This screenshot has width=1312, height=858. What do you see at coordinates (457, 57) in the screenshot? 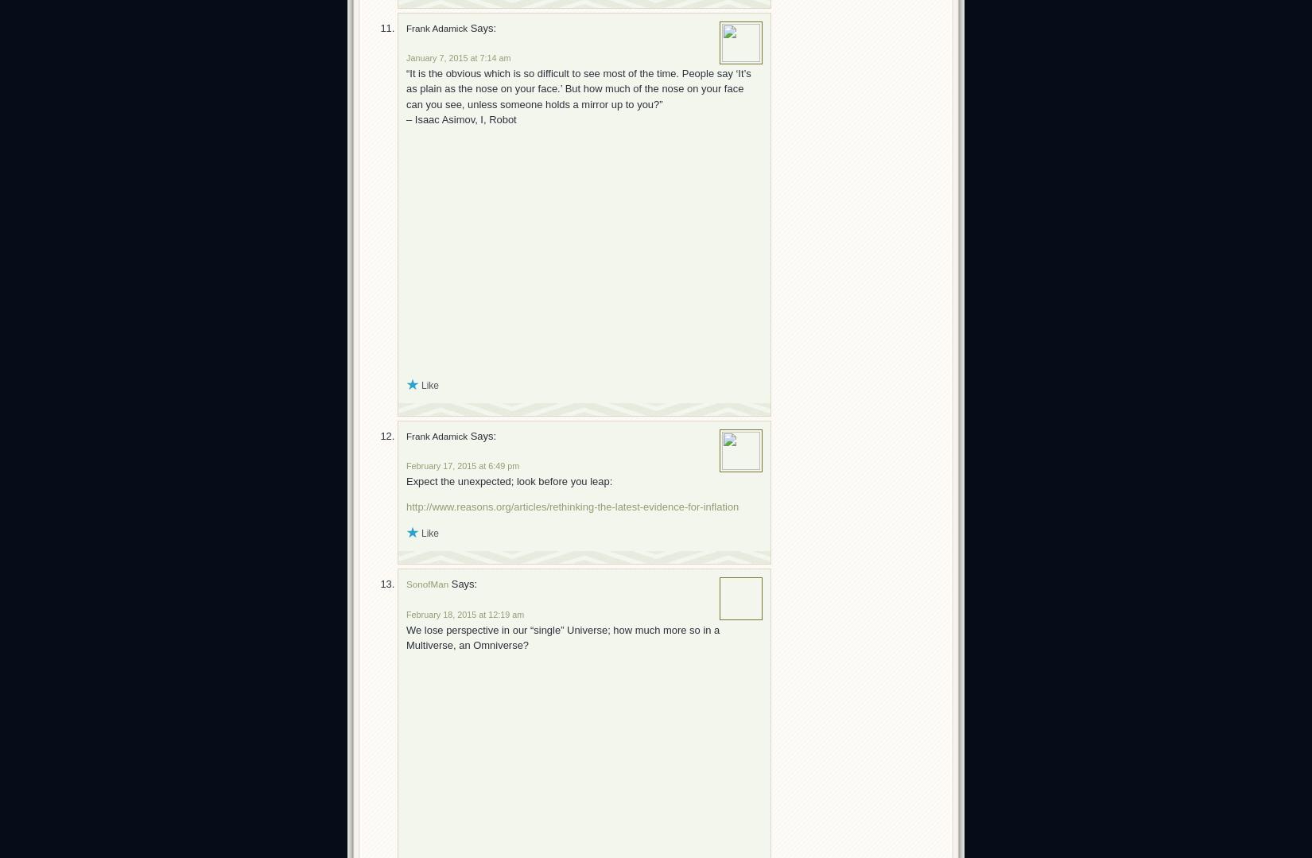
I see `'January 7, 2015 at 7:14 am'` at bounding box center [457, 57].